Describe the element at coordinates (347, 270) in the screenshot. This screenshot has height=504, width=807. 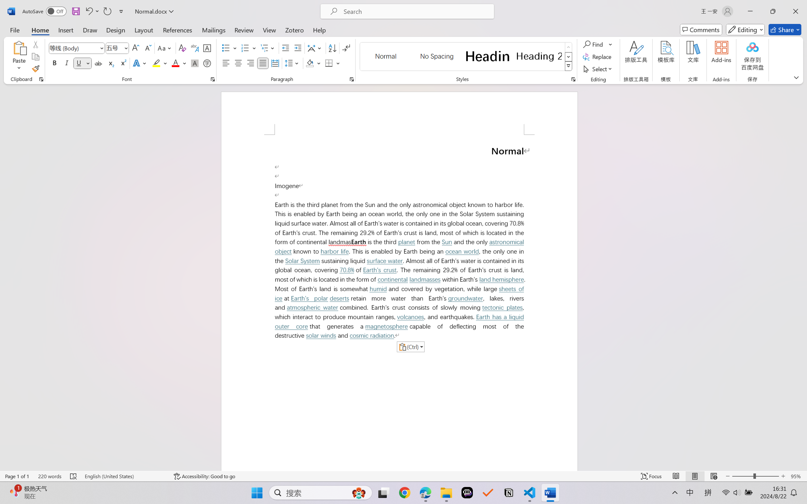
I see `'70.8%'` at that location.